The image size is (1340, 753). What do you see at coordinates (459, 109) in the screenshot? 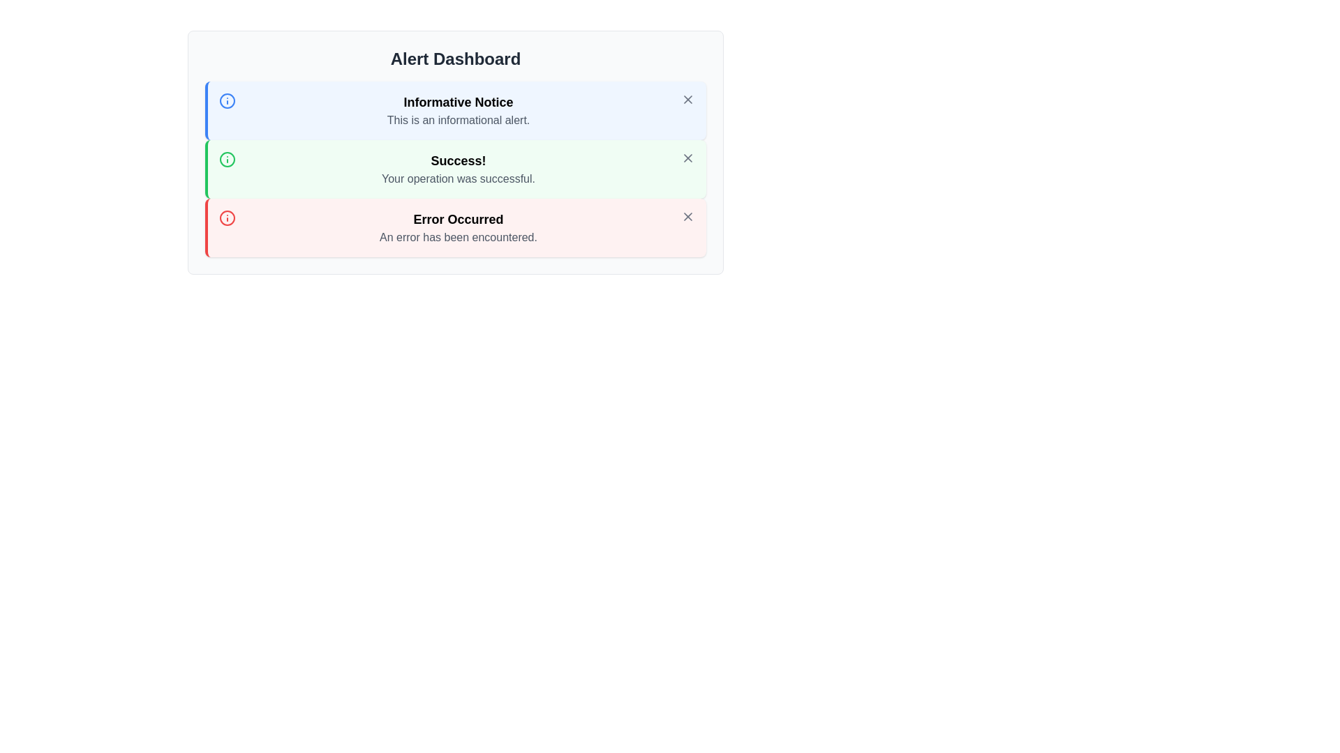
I see `the Text box titled 'Informative Notice', which contains an alert description and is styled with a blue background, positioned at the top of the alert items` at bounding box center [459, 109].